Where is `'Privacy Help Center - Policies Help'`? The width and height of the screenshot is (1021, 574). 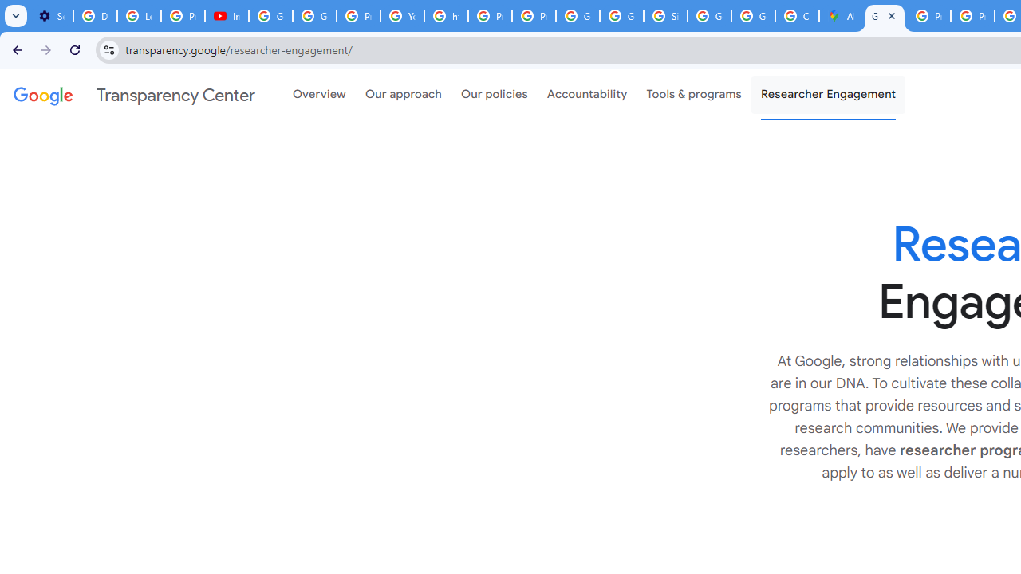
'Privacy Help Center - Policies Help' is located at coordinates (928, 16).